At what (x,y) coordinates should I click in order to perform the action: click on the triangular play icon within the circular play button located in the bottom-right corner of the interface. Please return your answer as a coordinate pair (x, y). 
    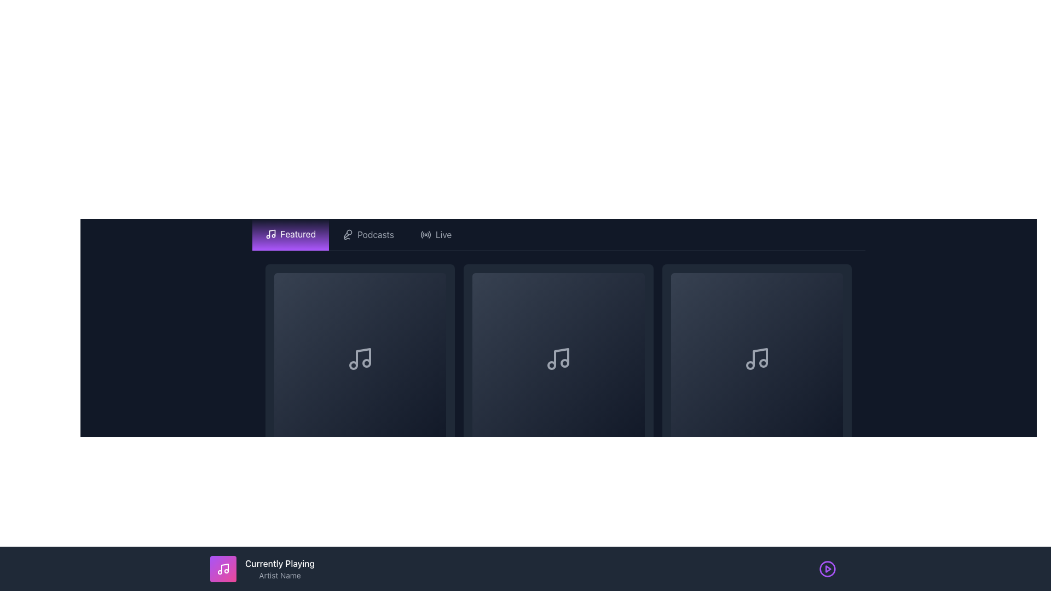
    Looking at the image, I should click on (828, 569).